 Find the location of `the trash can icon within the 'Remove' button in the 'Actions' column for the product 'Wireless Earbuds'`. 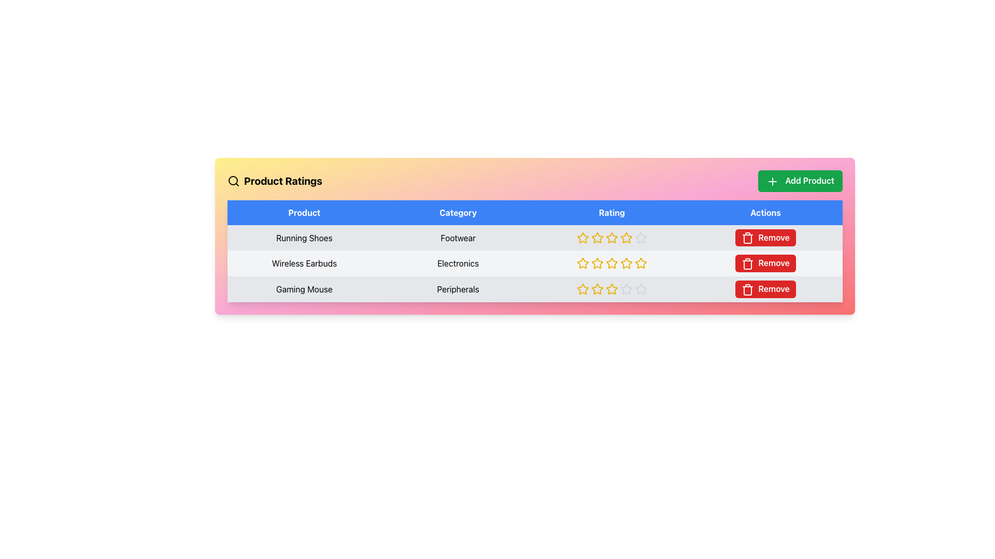

the trash can icon within the 'Remove' button in the 'Actions' column for the product 'Wireless Earbuds' is located at coordinates (748, 239).